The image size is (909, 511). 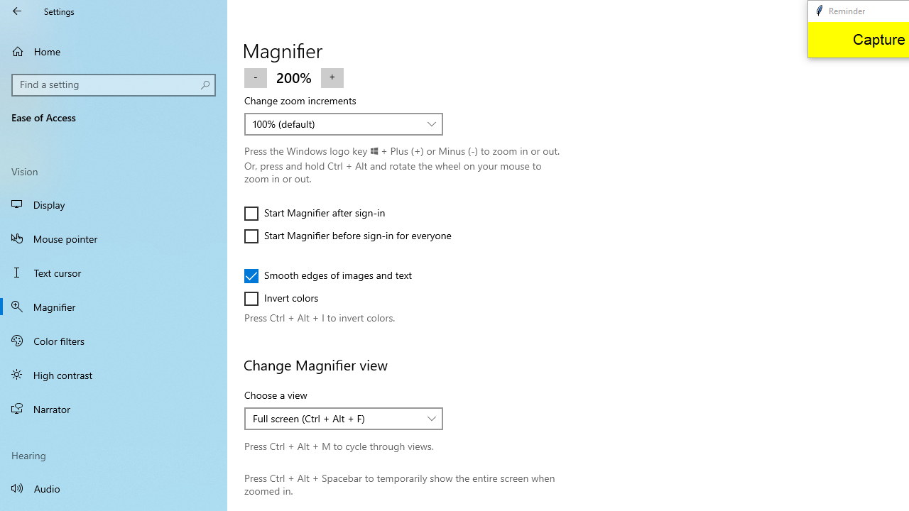 I want to click on 'Zoom in', so click(x=331, y=77).